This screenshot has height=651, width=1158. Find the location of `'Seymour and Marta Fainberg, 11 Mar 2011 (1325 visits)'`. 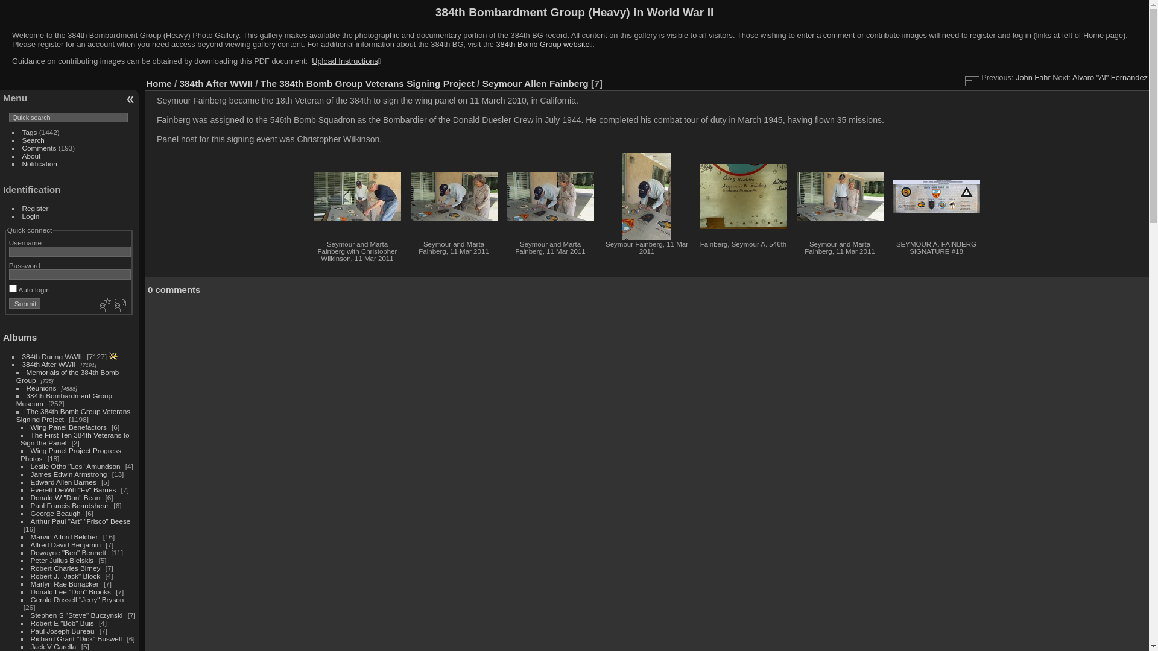

'Seymour and Marta Fainberg, 11 Mar 2011 (1325 visits)' is located at coordinates (507, 195).